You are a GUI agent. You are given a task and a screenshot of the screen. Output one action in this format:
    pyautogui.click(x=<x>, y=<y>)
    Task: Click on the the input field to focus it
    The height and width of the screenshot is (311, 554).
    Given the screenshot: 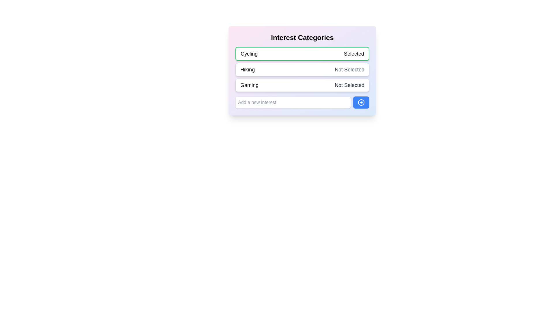 What is the action you would take?
    pyautogui.click(x=293, y=102)
    